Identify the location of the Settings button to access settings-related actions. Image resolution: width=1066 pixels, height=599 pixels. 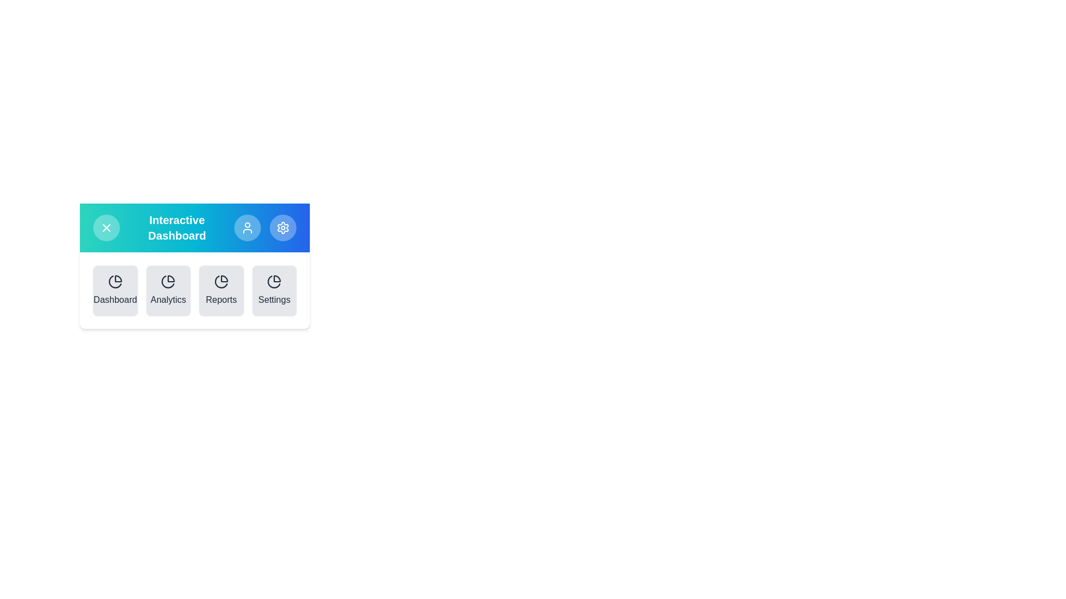
(283, 227).